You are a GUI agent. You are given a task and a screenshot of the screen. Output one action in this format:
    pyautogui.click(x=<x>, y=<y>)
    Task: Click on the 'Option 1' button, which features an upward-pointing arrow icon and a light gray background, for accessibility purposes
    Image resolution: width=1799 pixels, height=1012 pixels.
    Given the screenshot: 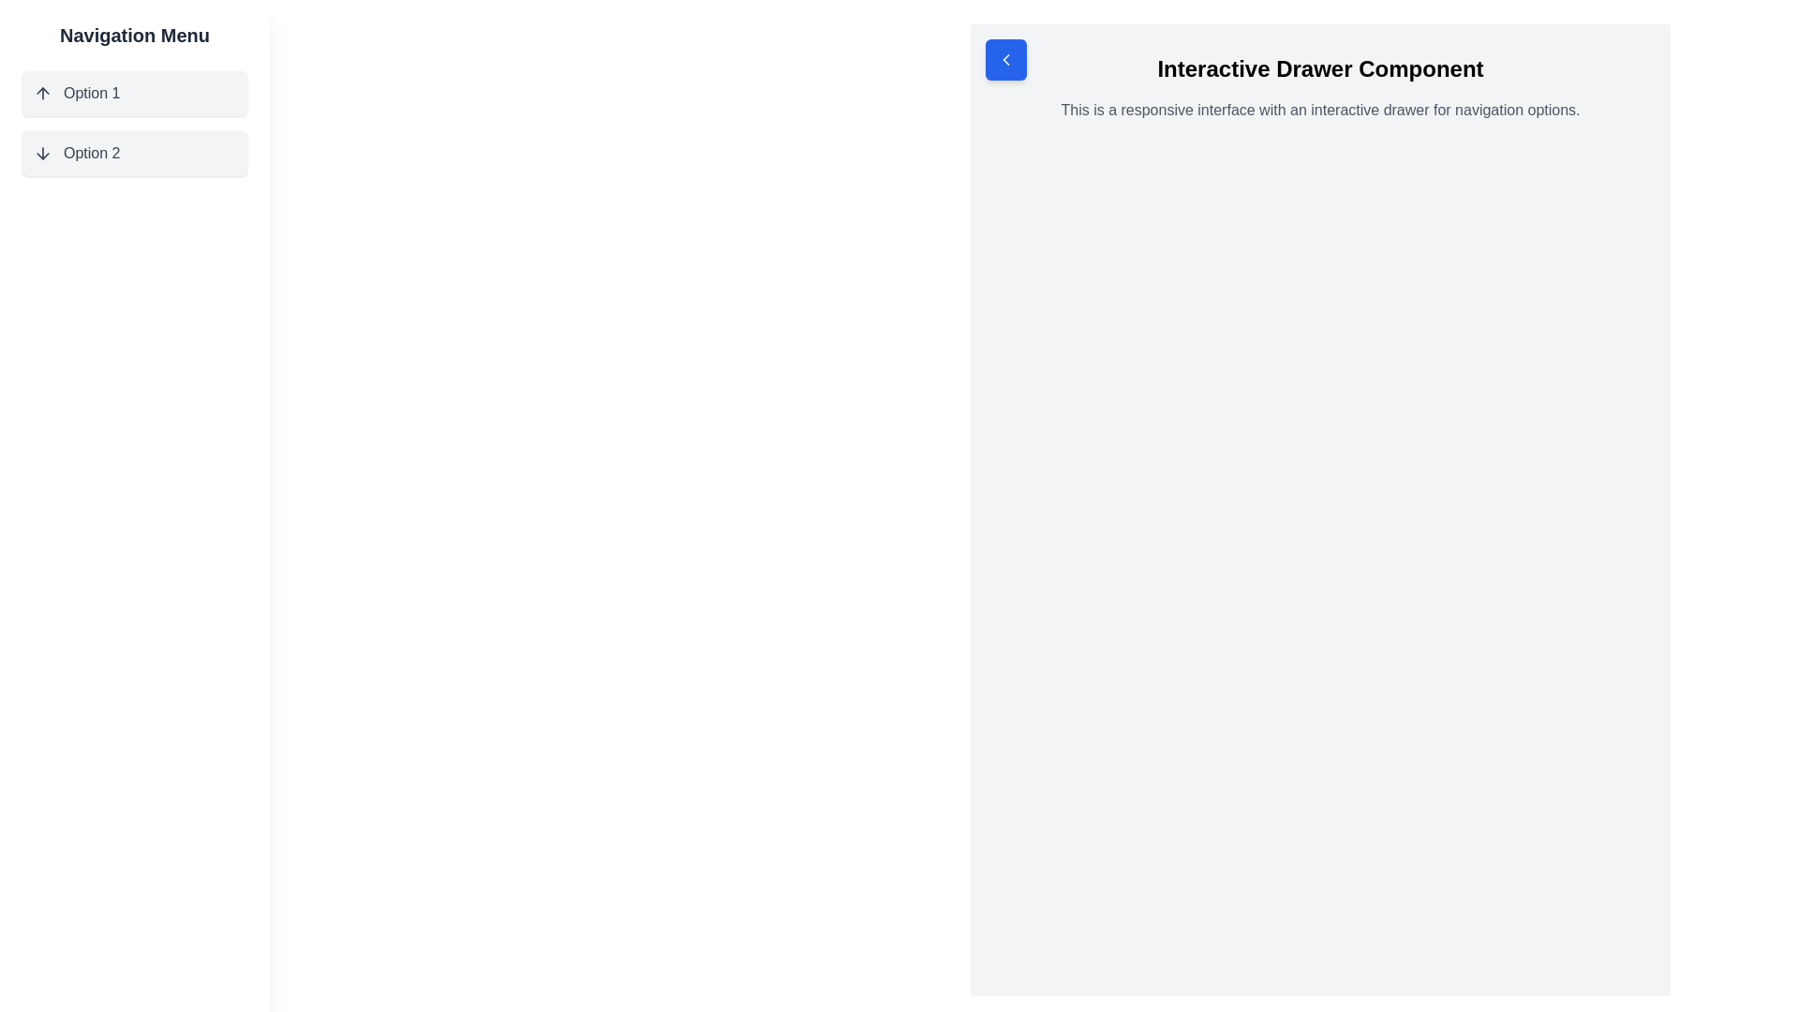 What is the action you would take?
    pyautogui.click(x=134, y=94)
    